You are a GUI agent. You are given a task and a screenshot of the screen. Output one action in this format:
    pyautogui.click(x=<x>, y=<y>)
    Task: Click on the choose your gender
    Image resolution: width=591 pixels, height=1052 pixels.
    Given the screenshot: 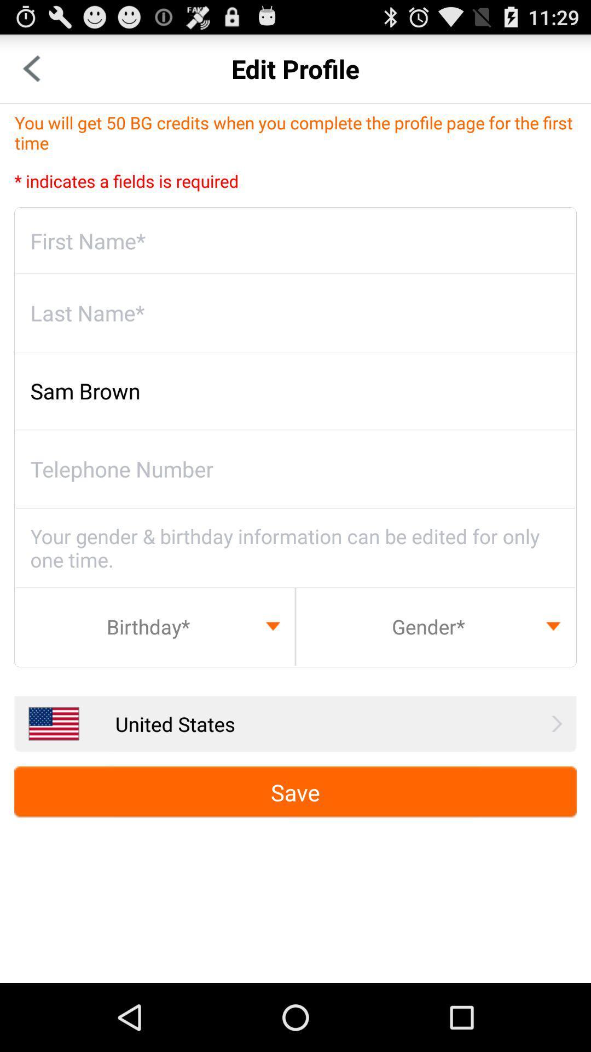 What is the action you would take?
    pyautogui.click(x=435, y=626)
    